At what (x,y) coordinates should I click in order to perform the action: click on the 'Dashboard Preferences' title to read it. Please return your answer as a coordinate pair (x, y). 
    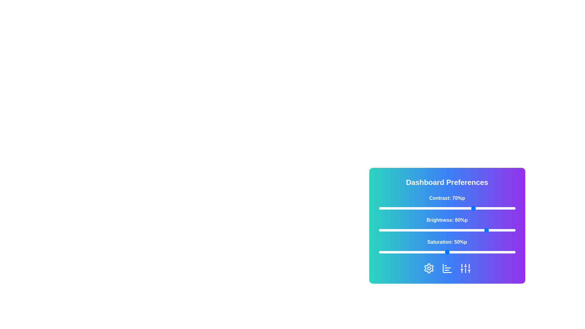
    Looking at the image, I should click on (447, 182).